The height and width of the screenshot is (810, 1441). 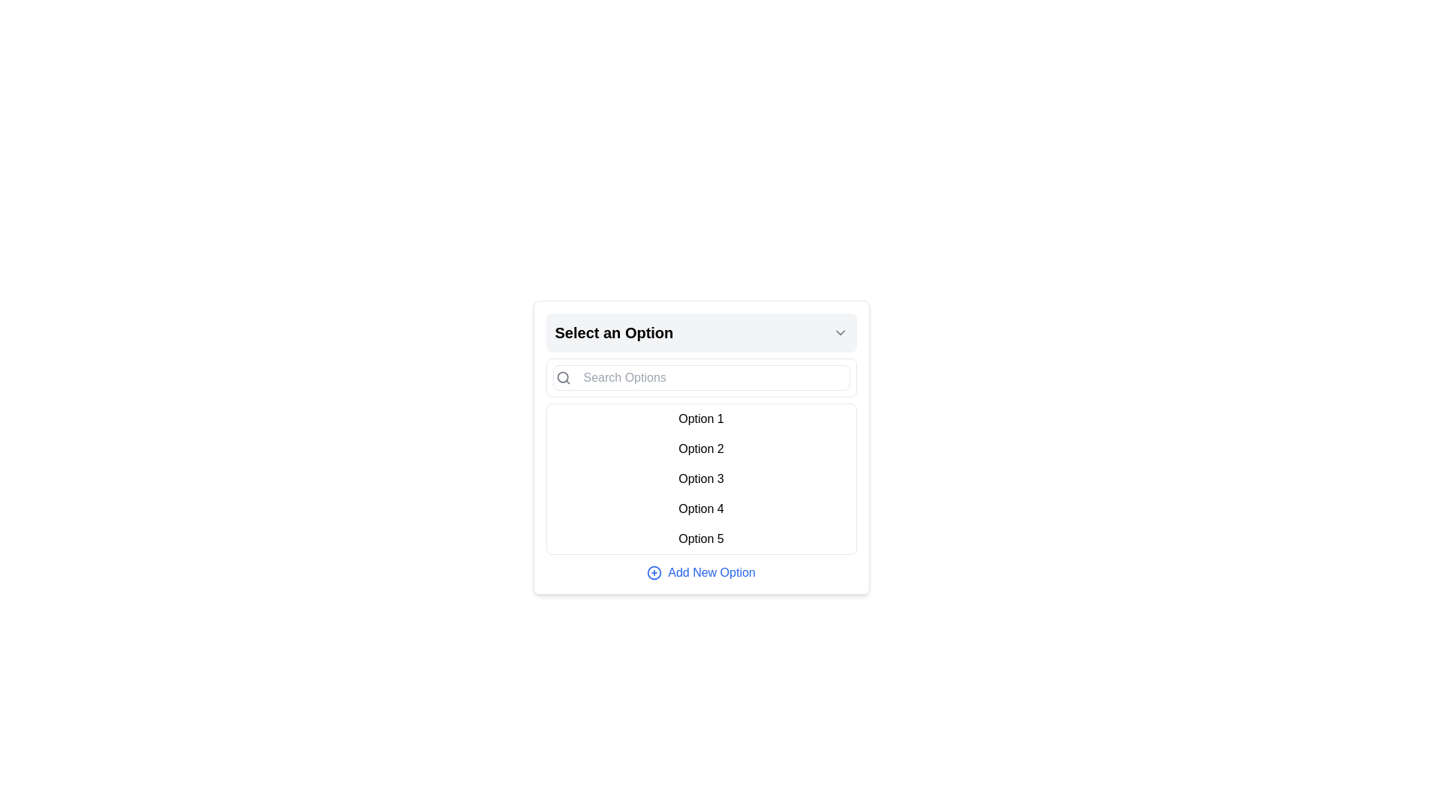 I want to click on the circular icon with a blue border and a plus sign inside, located next to the text 'Add New Option', so click(x=654, y=572).